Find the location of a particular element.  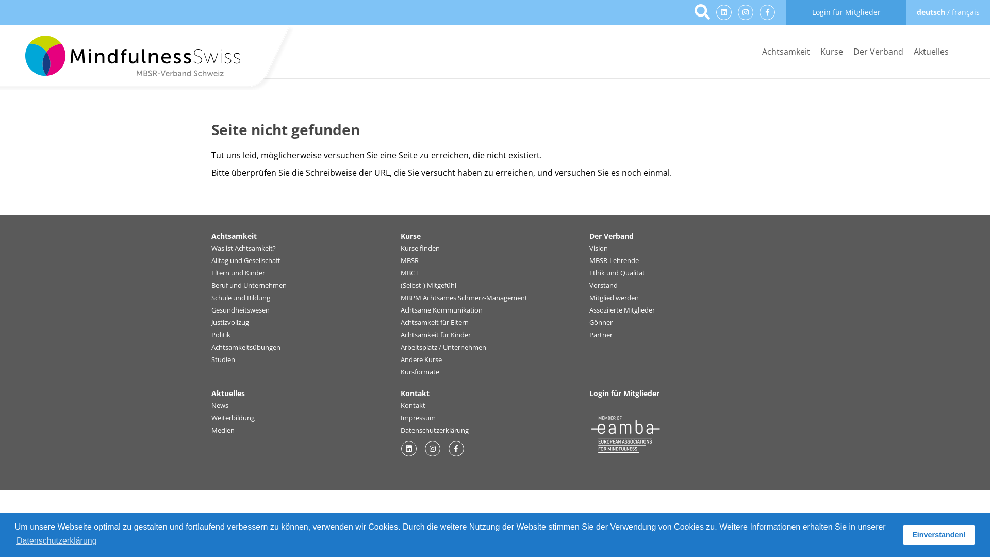

'Alltag und Gesellschaft' is located at coordinates (210, 260).